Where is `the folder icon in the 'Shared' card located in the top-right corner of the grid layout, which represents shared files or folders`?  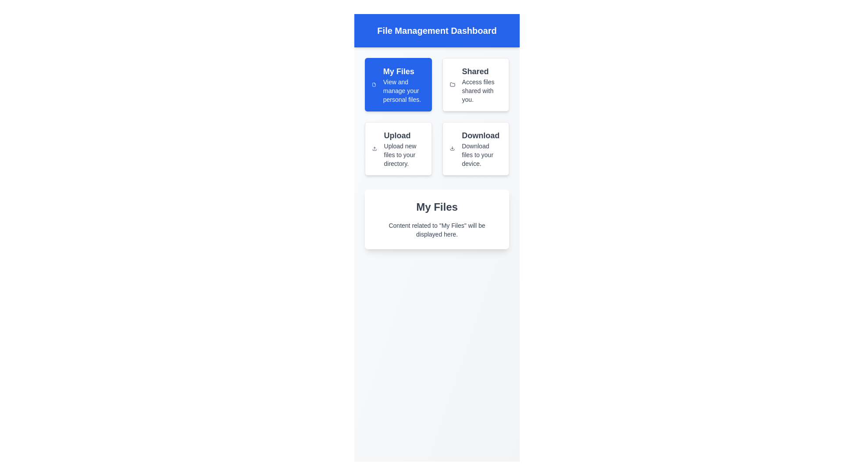
the folder icon in the 'Shared' card located in the top-right corner of the grid layout, which represents shared files or folders is located at coordinates (452, 84).